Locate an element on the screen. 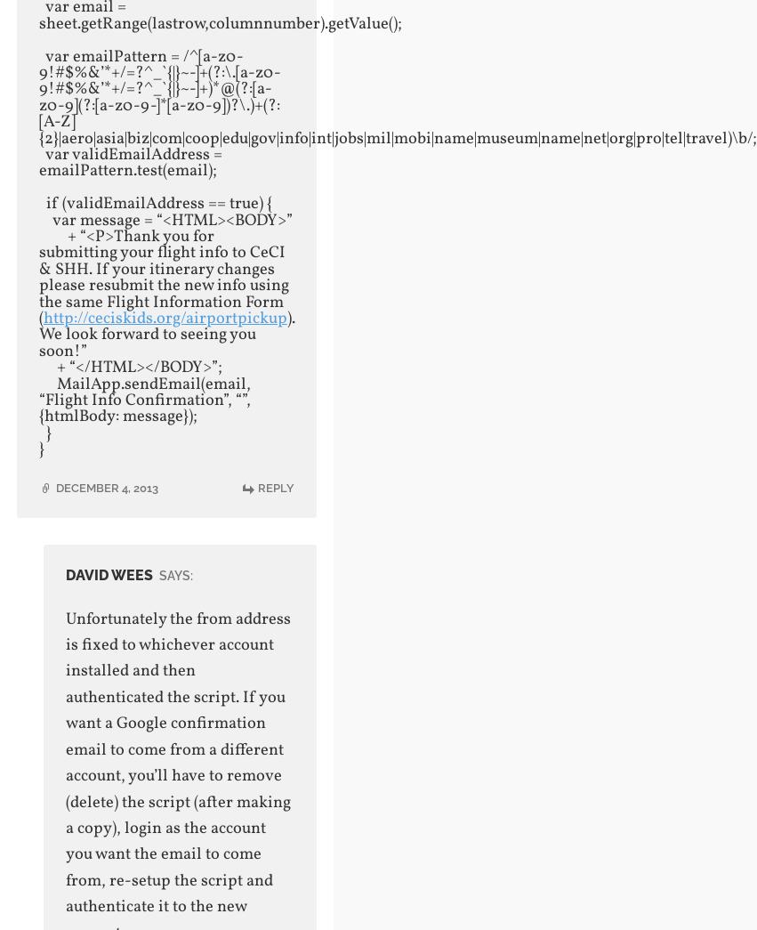 The image size is (757, 930). 'http://ceciskids.org/airportpickup' is located at coordinates (164, 318).